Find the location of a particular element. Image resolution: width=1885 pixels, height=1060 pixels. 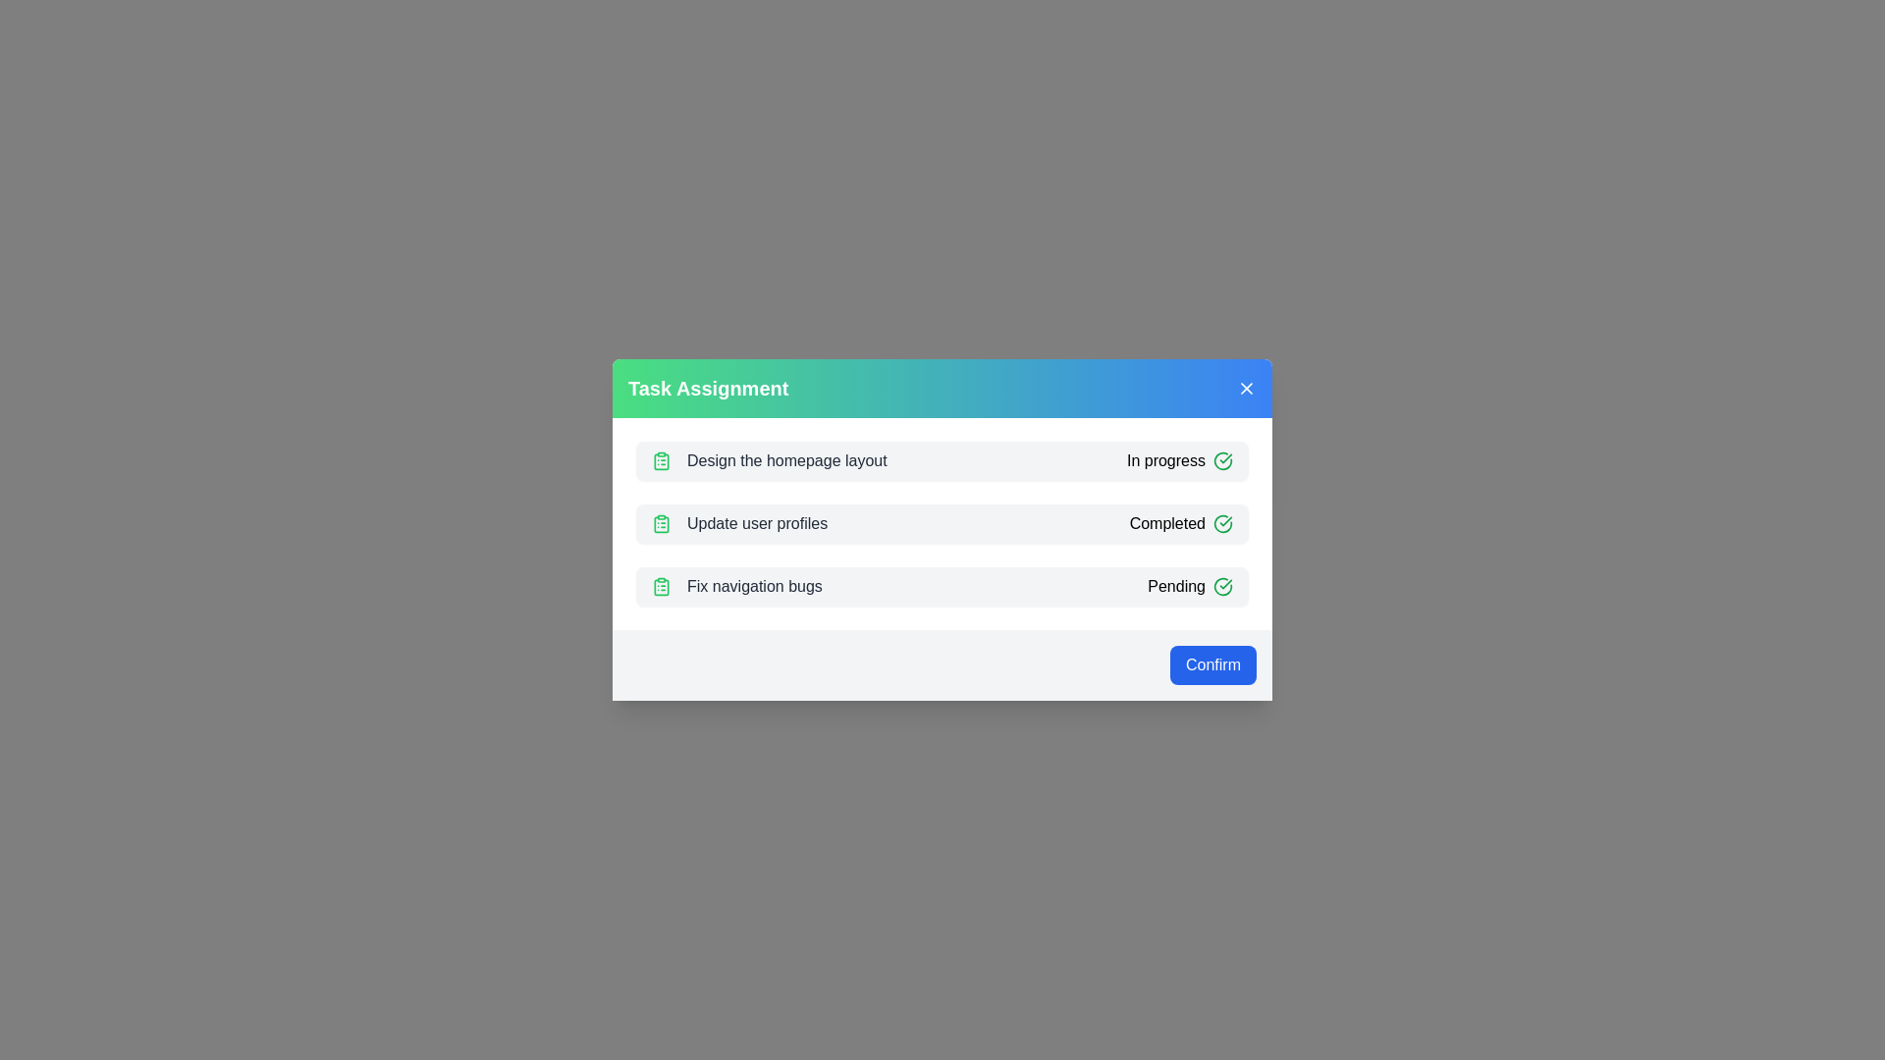

the task description text labeled 'Design the homepage layout', which is the first task item in a vertical list of tasks near a green clipboard icon is located at coordinates (768, 461).